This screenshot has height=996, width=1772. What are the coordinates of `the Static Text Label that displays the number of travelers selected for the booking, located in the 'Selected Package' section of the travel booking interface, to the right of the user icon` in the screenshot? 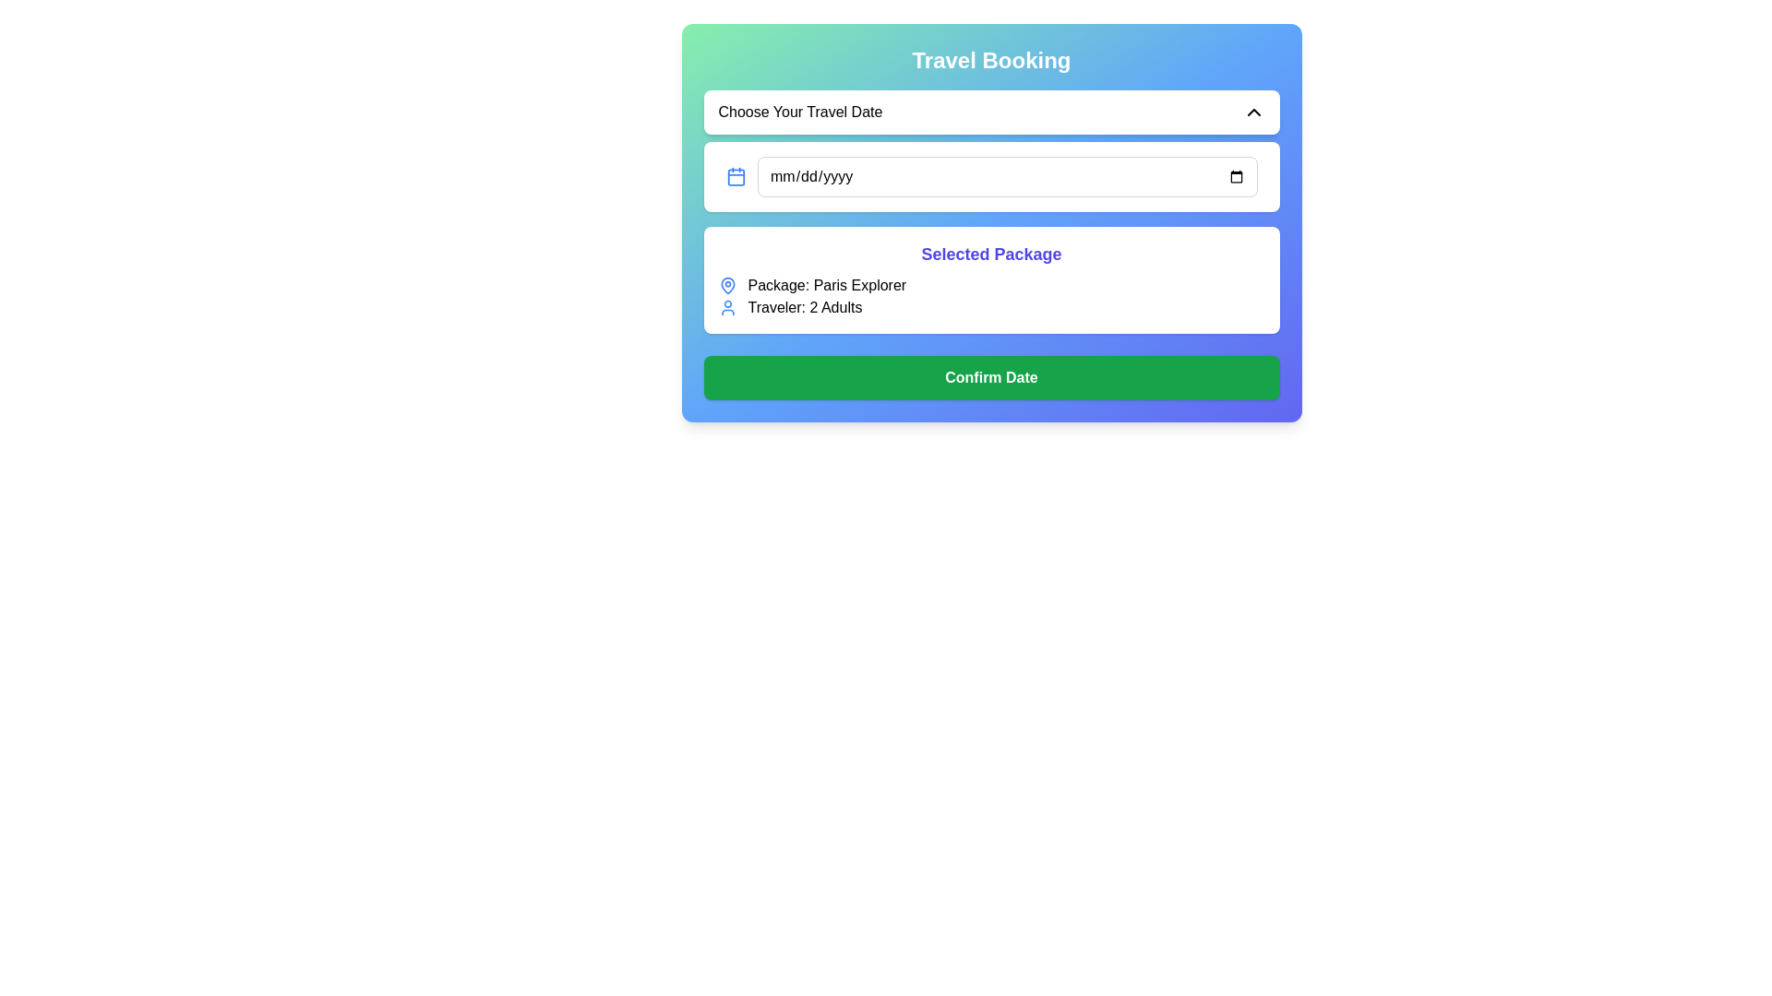 It's located at (805, 307).